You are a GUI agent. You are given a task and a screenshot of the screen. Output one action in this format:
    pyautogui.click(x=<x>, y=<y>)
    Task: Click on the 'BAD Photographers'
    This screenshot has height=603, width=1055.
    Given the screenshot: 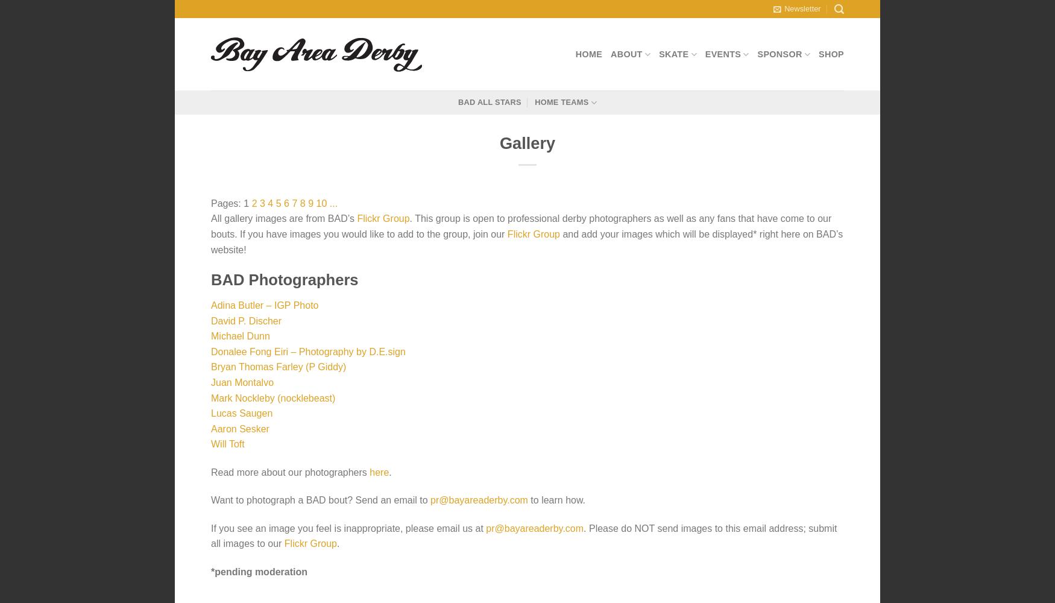 What is the action you would take?
    pyautogui.click(x=284, y=279)
    